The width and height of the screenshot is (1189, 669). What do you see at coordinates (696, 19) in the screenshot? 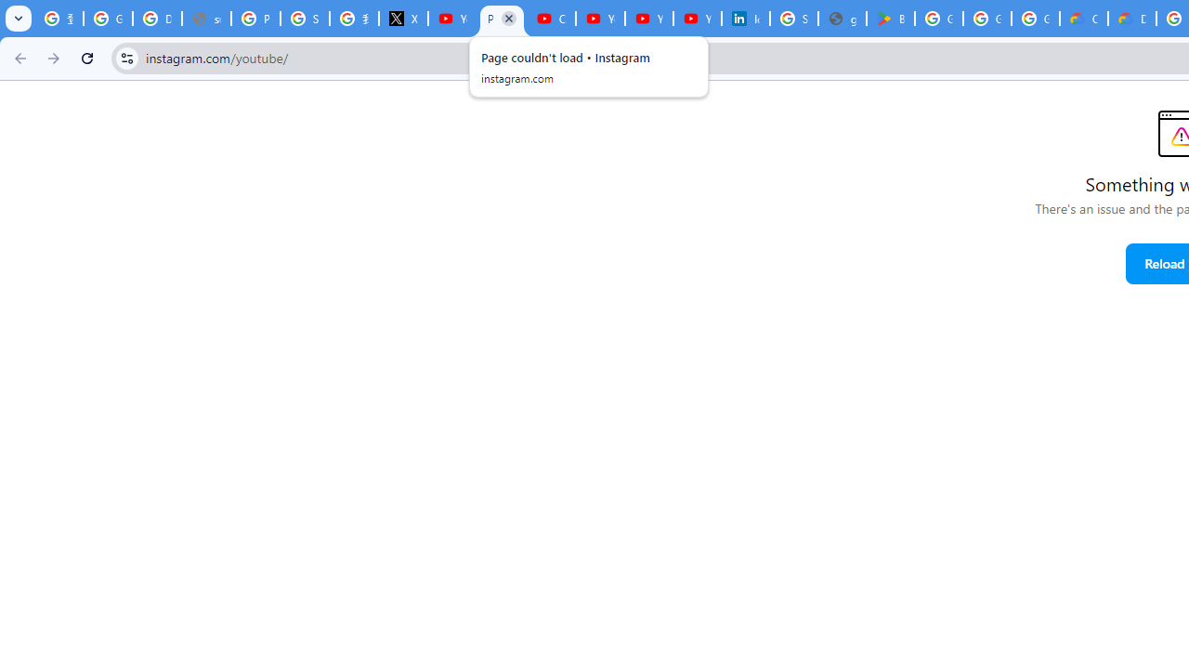
I see `'YouTube Culture & Trends - YouTube Top 10, 2021'` at bounding box center [696, 19].